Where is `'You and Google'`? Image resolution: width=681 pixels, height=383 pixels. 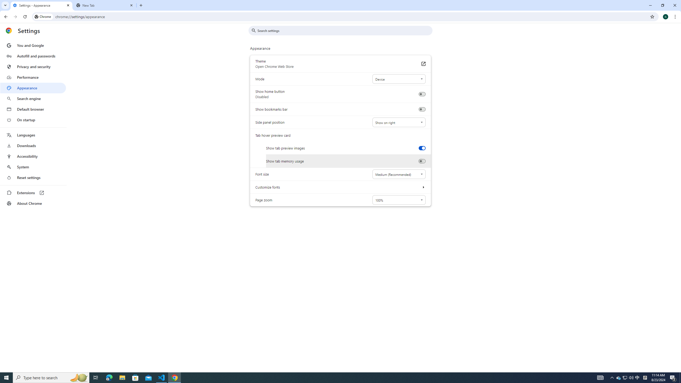 'You and Google' is located at coordinates (33, 45).